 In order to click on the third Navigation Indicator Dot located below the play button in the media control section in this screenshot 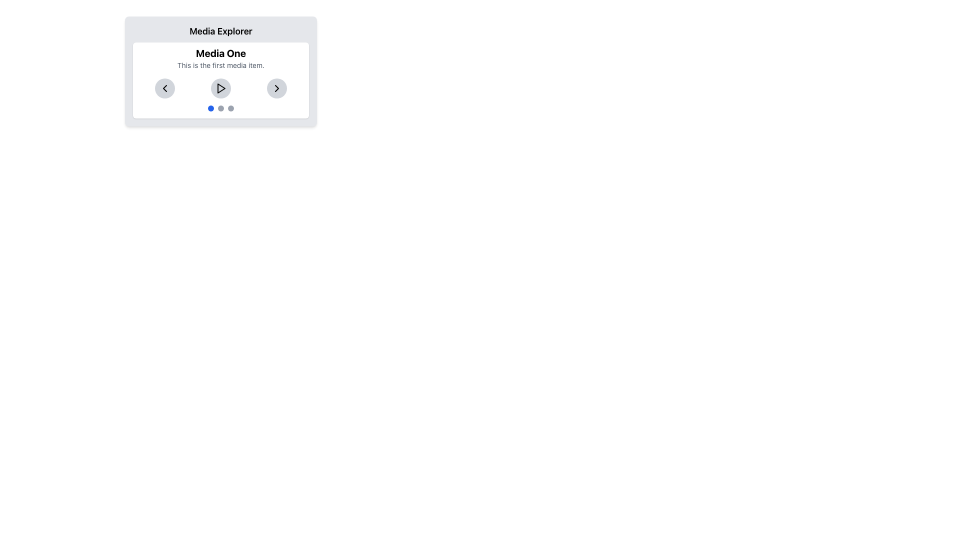, I will do `click(230, 108)`.